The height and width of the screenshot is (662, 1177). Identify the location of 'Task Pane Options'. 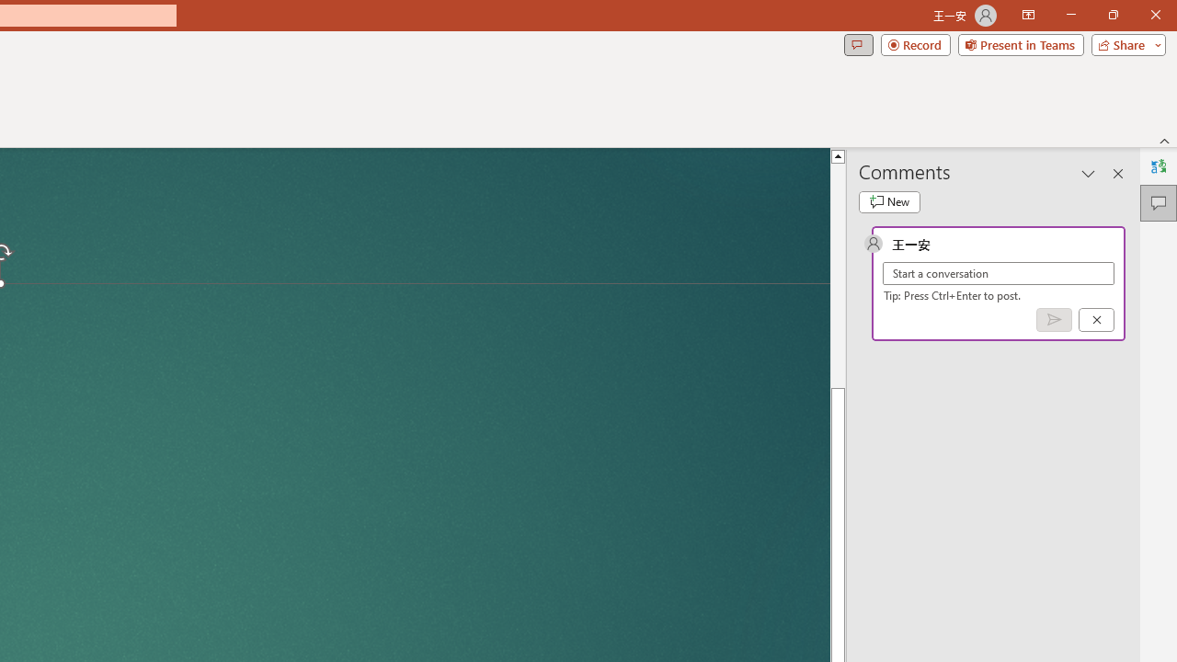
(1089, 174).